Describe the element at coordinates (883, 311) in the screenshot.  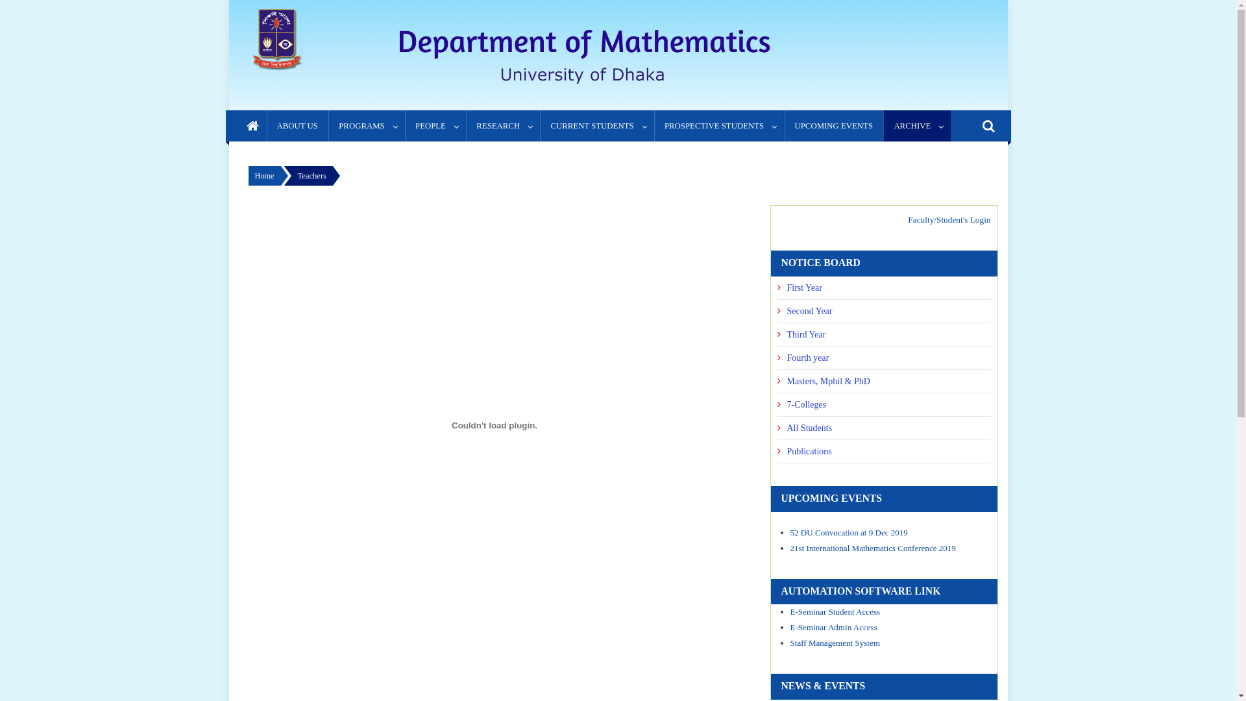
I see `'Second Year'` at that location.